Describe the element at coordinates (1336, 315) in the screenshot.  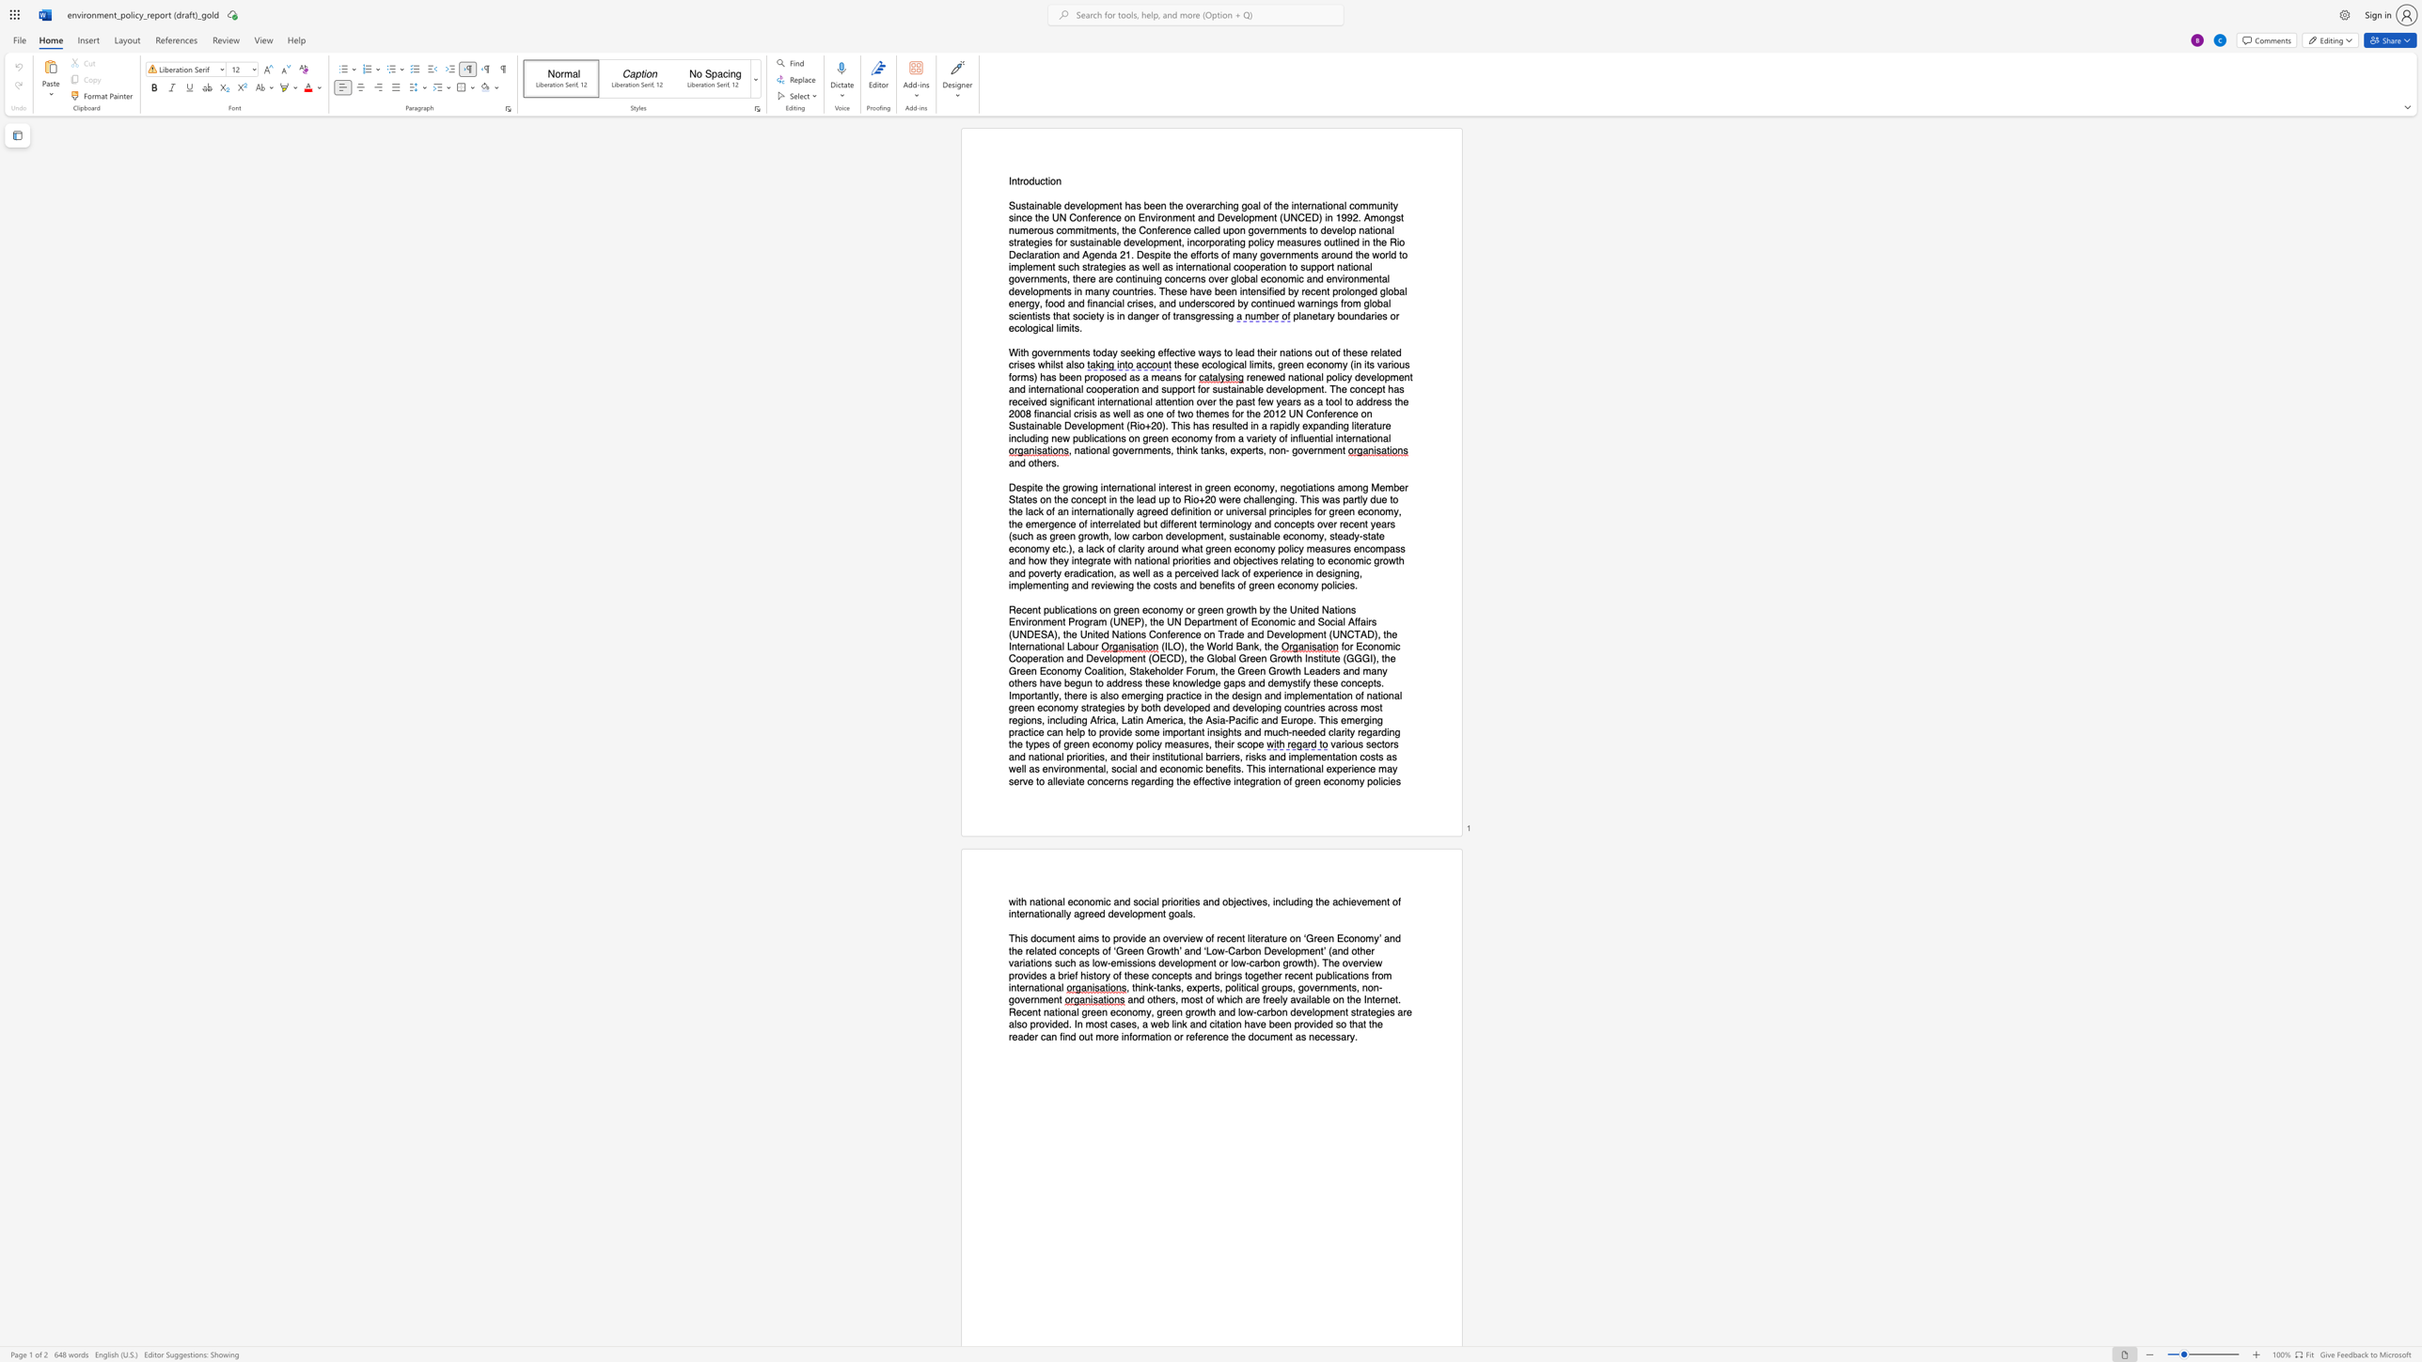
I see `the subset text "boundaries or" within the text "planetary boundaries or ecological limits."` at that location.